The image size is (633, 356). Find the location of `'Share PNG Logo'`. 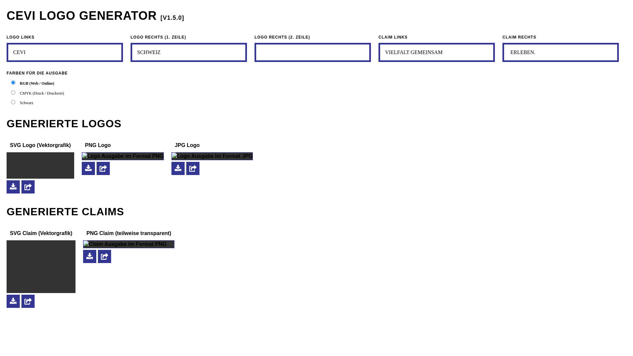

'Share PNG Logo' is located at coordinates (103, 167).